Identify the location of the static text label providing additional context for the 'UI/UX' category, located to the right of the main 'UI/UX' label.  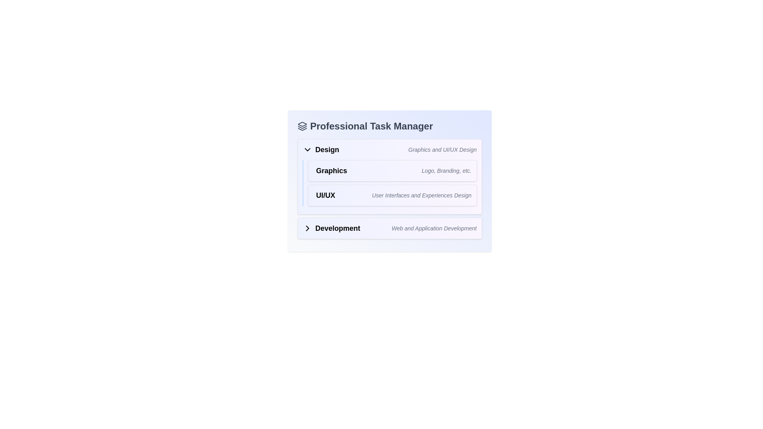
(421, 195).